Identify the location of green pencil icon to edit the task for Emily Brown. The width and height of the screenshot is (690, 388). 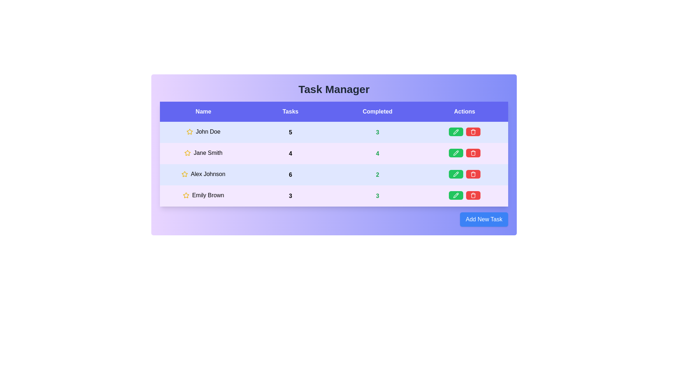
(455, 195).